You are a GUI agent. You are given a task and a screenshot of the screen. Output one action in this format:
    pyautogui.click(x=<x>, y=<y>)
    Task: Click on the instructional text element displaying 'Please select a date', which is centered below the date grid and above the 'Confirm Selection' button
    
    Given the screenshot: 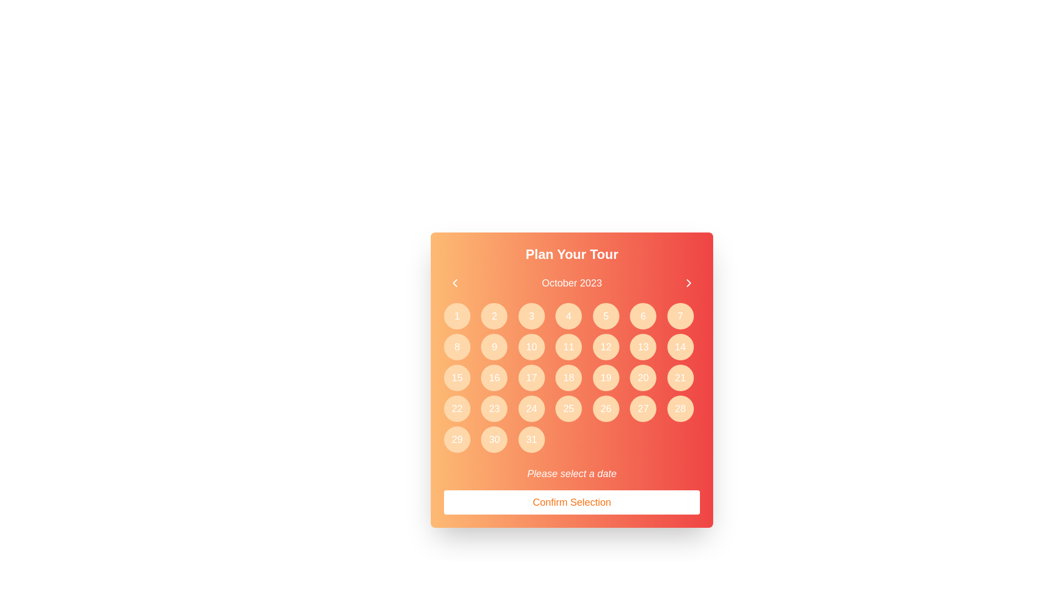 What is the action you would take?
    pyautogui.click(x=571, y=473)
    